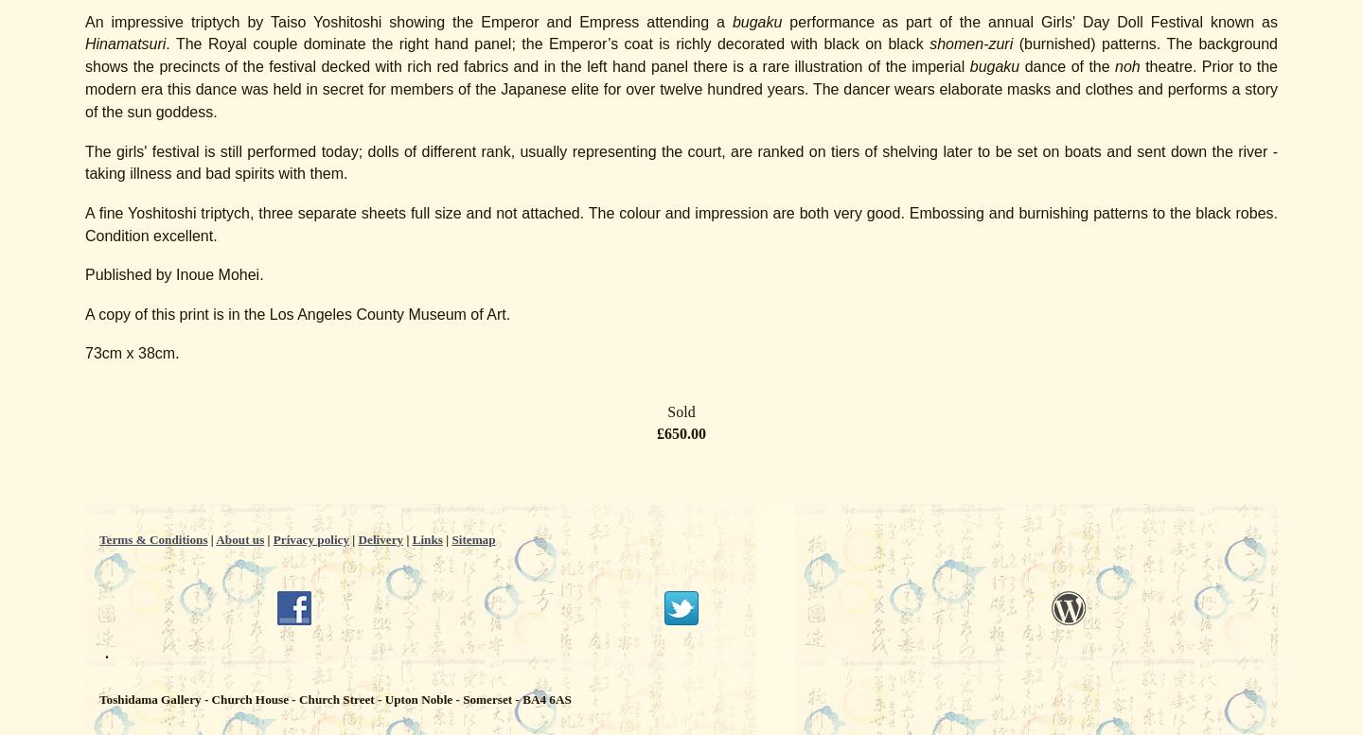 This screenshot has height=735, width=1363. What do you see at coordinates (1029, 21) in the screenshot?
I see `'performance as part of the annual Girls' Day Doll Festival known as'` at bounding box center [1029, 21].